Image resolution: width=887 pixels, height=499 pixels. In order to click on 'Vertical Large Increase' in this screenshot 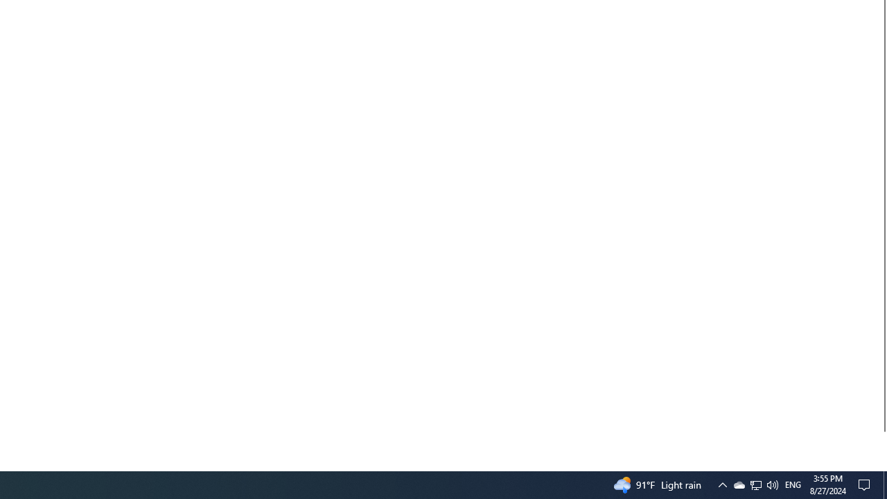, I will do `click(881, 446)`.